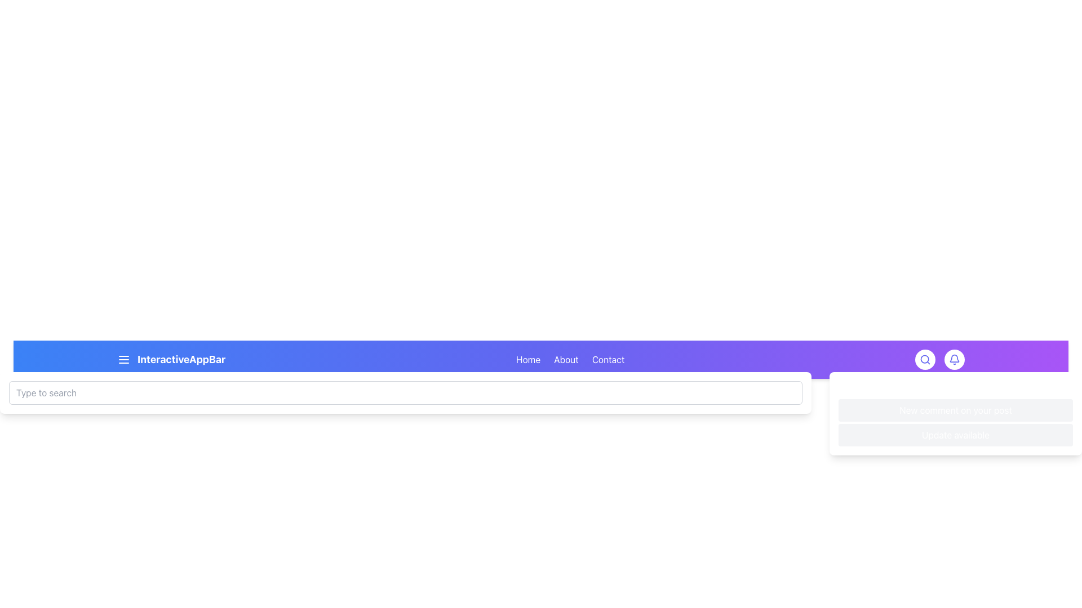 The width and height of the screenshot is (1082, 608). What do you see at coordinates (955, 410) in the screenshot?
I see `Notification Banner that informs the user about a new comment on a post, located at the top-right corner of the application interface` at bounding box center [955, 410].